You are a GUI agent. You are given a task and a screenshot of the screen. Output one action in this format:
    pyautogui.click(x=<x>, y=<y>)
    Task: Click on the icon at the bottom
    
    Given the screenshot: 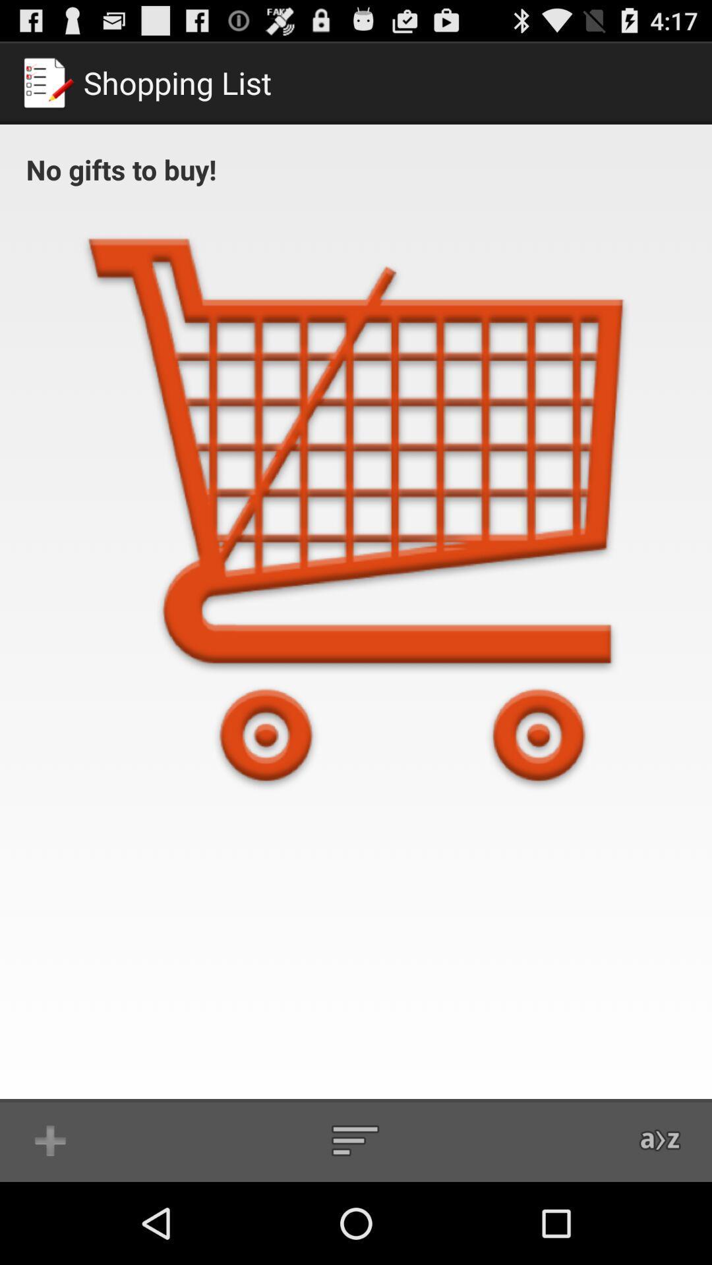 What is the action you would take?
    pyautogui.click(x=355, y=1140)
    